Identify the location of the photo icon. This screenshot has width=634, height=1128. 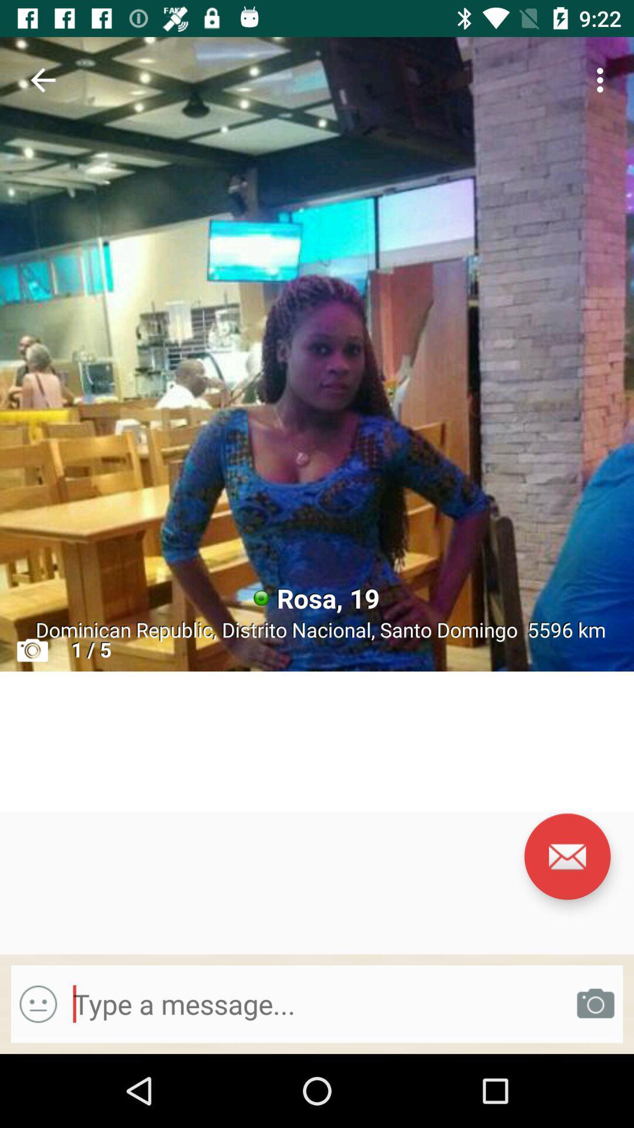
(595, 1003).